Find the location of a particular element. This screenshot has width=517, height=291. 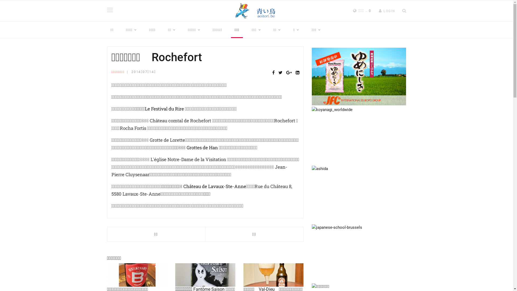

'Yumenishiki 2021' is located at coordinates (359, 77).